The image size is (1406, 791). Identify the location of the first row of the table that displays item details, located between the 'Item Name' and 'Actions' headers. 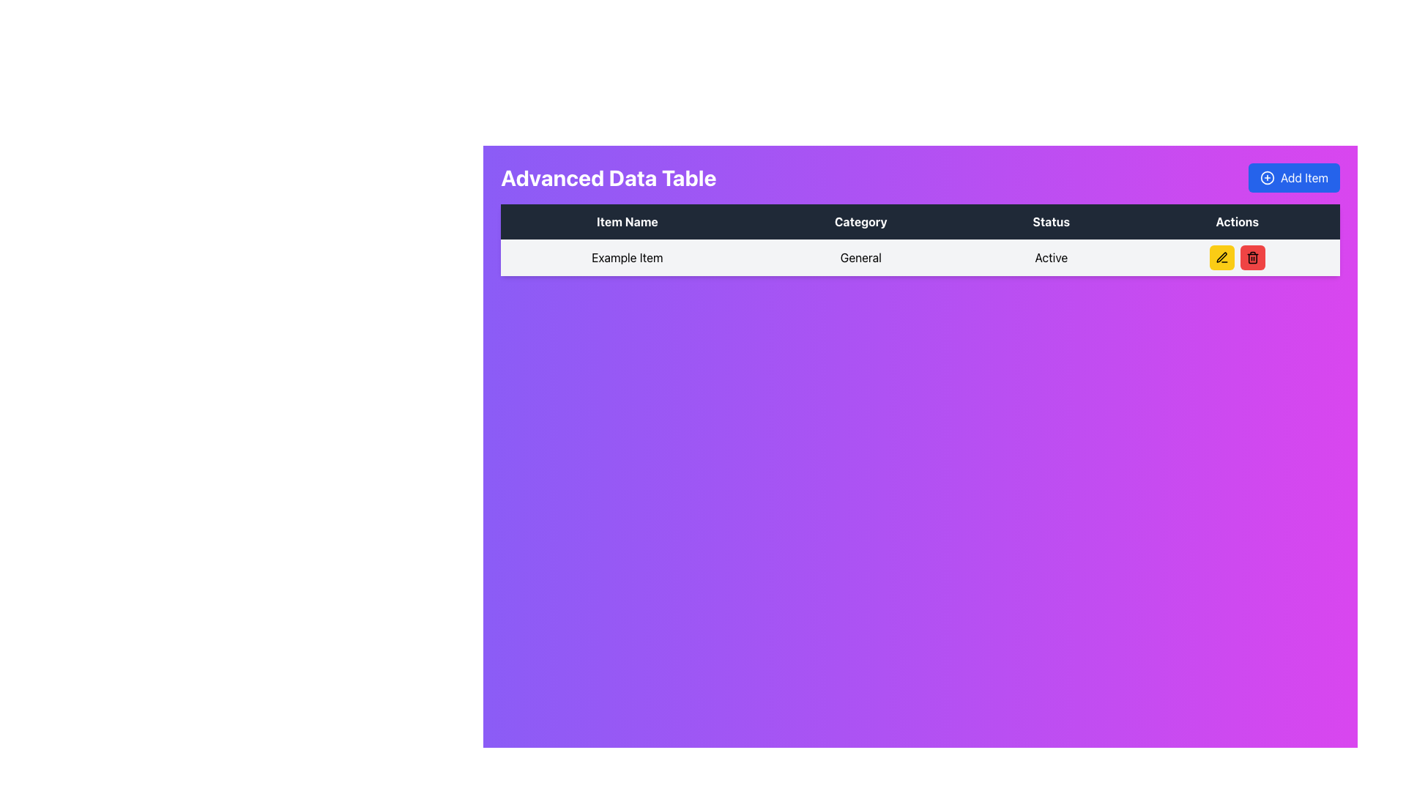
(920, 256).